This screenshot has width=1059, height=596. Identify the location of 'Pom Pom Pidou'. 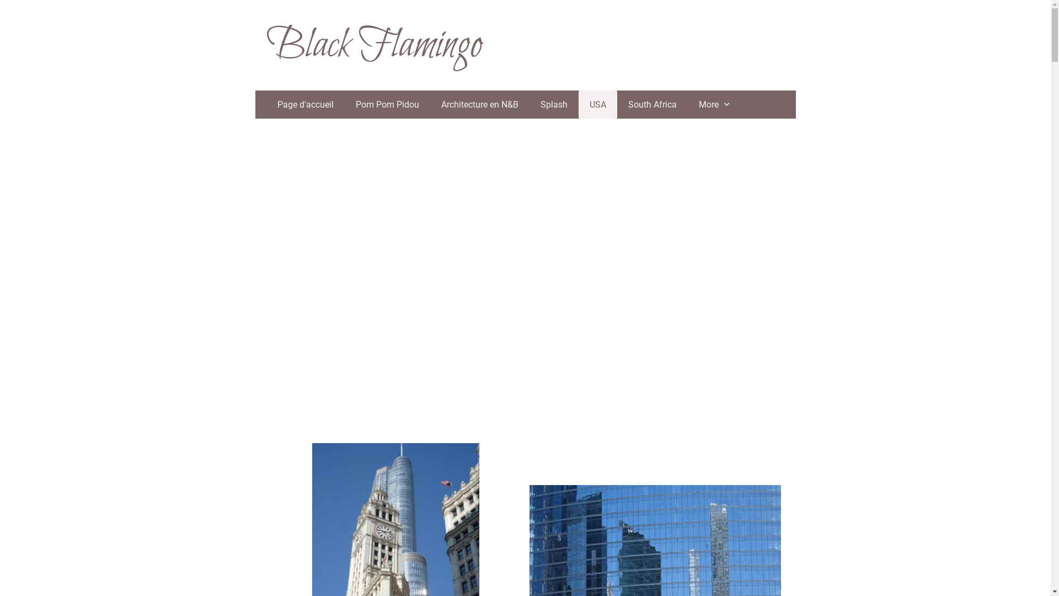
(387, 104).